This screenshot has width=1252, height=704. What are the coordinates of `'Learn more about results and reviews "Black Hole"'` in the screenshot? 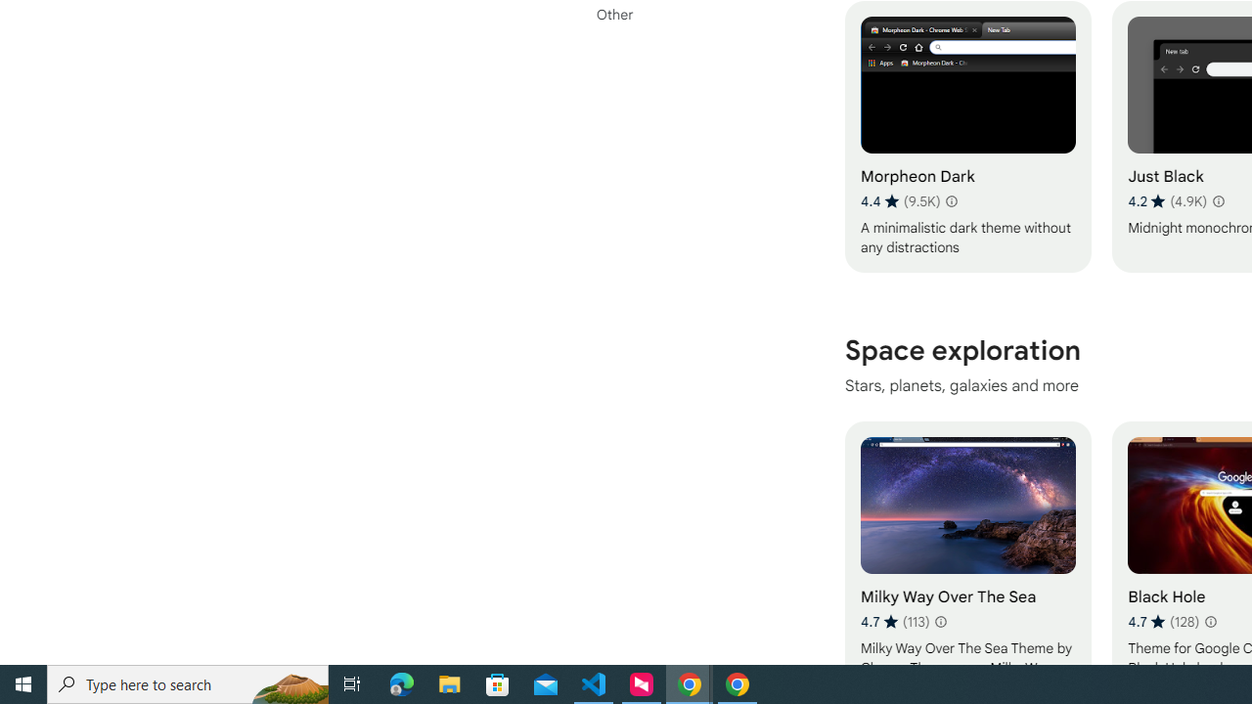 It's located at (1209, 622).